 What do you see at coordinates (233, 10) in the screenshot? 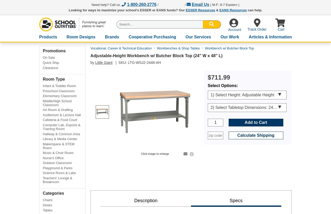
I see `'EANS Resources'` at bounding box center [233, 10].